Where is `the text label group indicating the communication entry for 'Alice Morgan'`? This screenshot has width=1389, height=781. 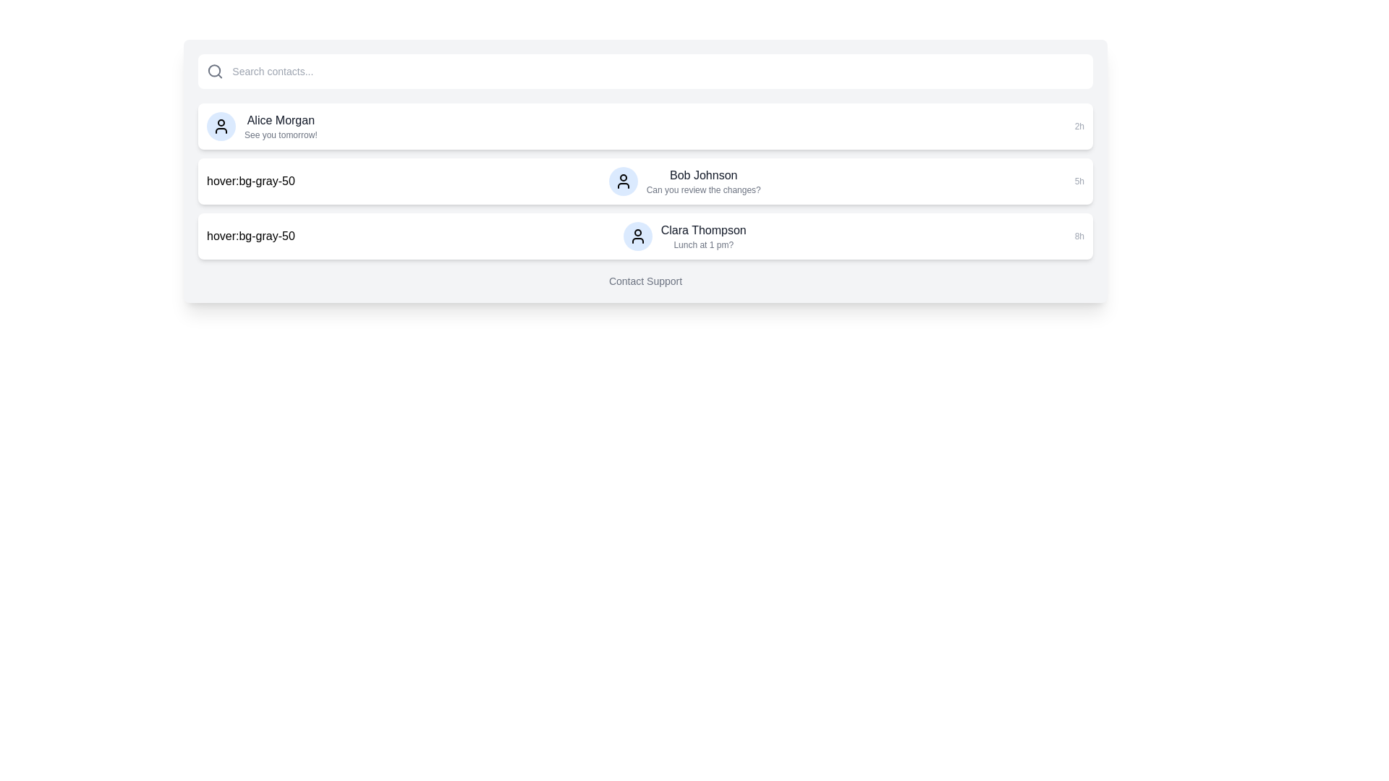 the text label group indicating the communication entry for 'Alice Morgan' is located at coordinates (281, 125).